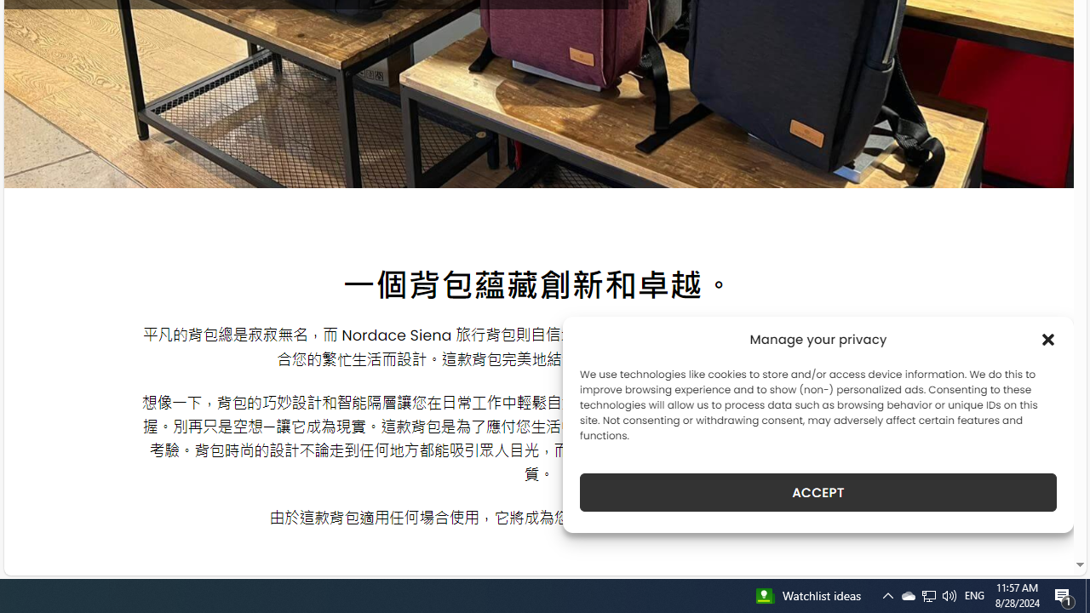 This screenshot has height=613, width=1090. What do you see at coordinates (1047, 339) in the screenshot?
I see `'Class: cmplz-close'` at bounding box center [1047, 339].